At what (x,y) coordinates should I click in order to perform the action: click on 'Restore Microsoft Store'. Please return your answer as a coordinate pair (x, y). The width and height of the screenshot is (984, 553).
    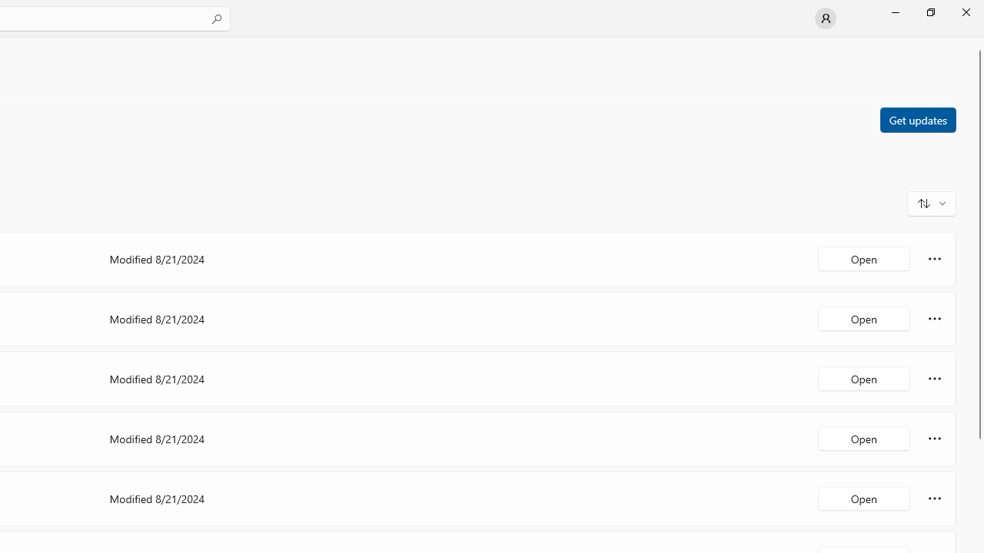
    Looking at the image, I should click on (929, 12).